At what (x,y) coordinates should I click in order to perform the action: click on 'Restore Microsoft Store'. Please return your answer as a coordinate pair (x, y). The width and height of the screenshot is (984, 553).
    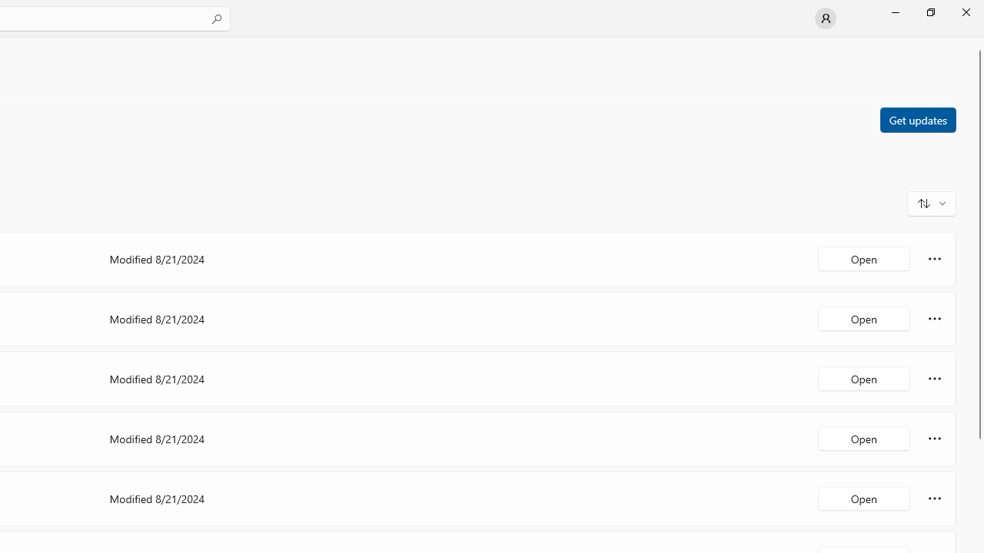
    Looking at the image, I should click on (929, 12).